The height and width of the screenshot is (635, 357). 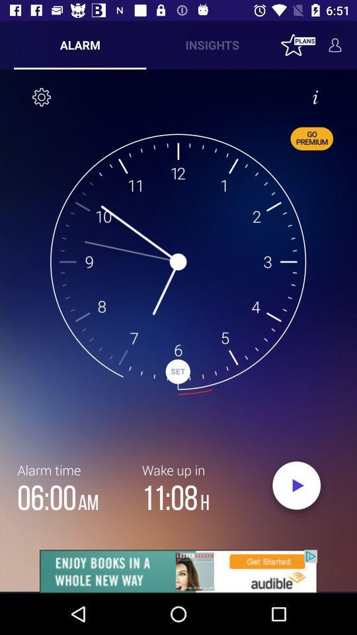 What do you see at coordinates (178, 571) in the screenshot?
I see `details about advertisement` at bounding box center [178, 571].